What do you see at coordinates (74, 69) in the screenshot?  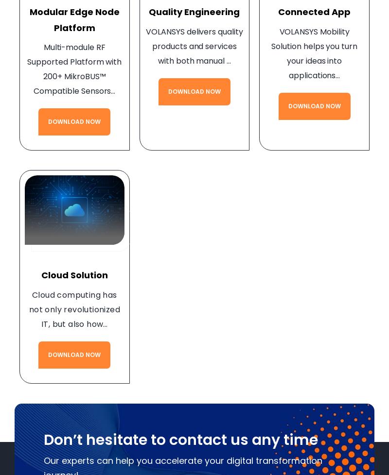 I see `'Multi-module RF Supported Platform with 200+ MikroBUS™ Compatible Sensors…'` at bounding box center [74, 69].